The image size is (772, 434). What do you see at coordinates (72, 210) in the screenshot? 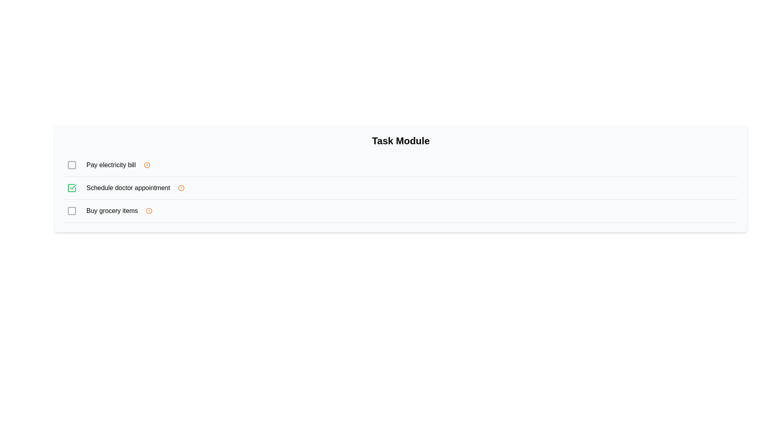
I see `the checkbox element outlined in gray, which is positioned to the left of the text 'Buy grocery items'` at bounding box center [72, 210].